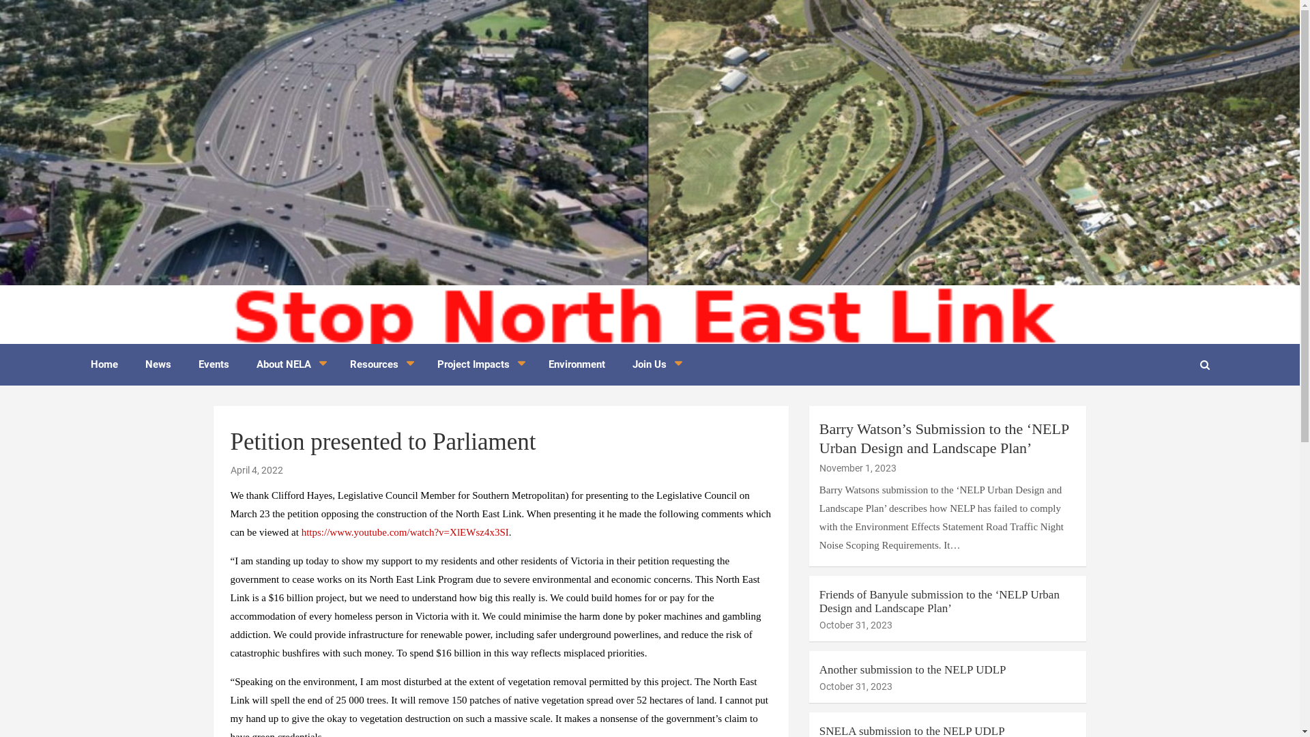 This screenshot has height=737, width=1310. Describe the element at coordinates (257, 469) in the screenshot. I see `'April 4, 2022'` at that location.